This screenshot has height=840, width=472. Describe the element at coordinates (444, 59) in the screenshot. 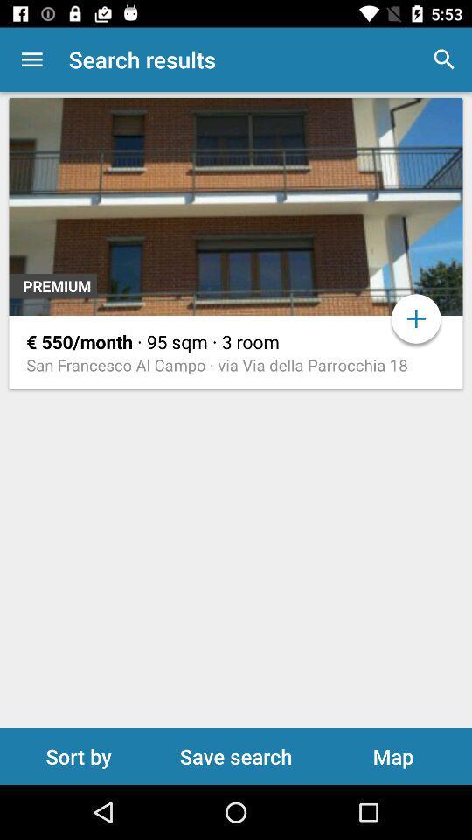

I see `the item to the right of the search results item` at that location.